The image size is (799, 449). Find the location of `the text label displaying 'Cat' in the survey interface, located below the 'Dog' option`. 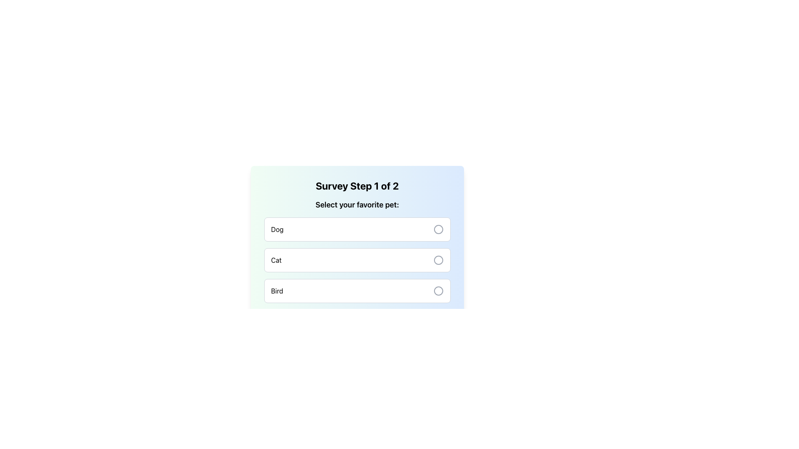

the text label displaying 'Cat' in the survey interface, located below the 'Dog' option is located at coordinates (276, 259).